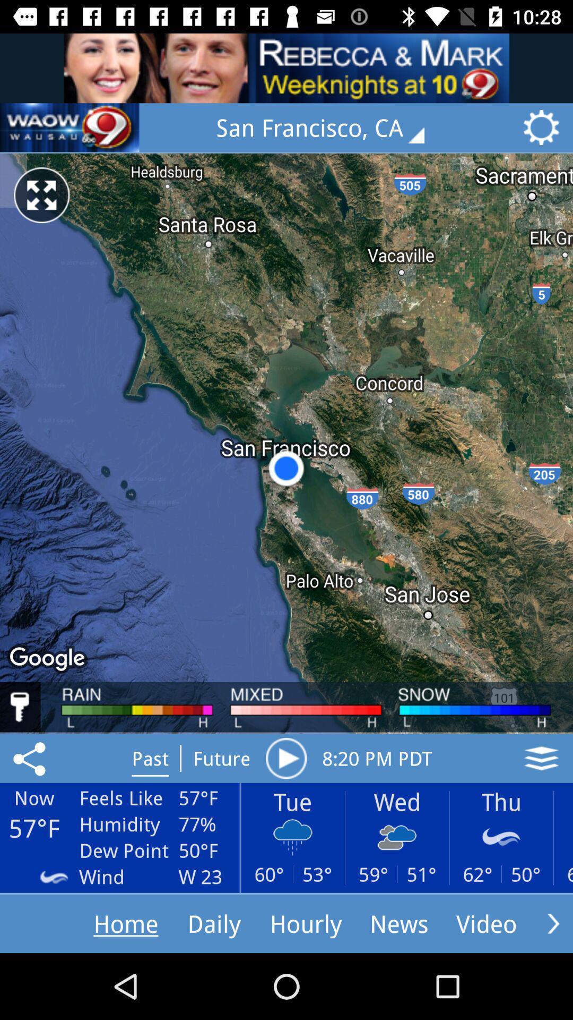  I want to click on the arrow_forward icon, so click(553, 923).